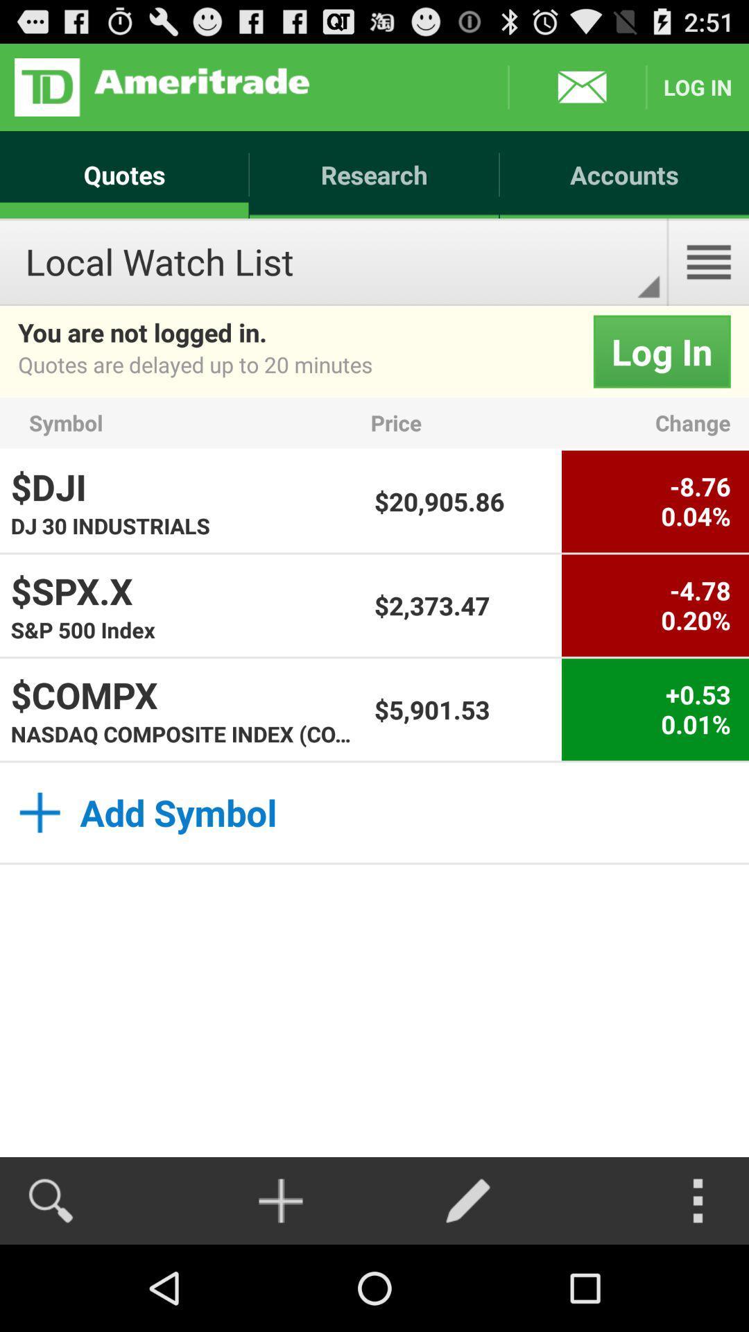  Describe the element at coordinates (577, 86) in the screenshot. I see `messages box` at that location.